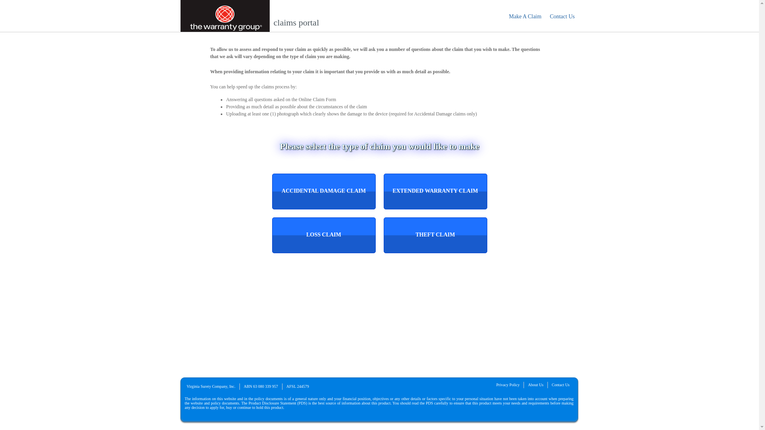 Image resolution: width=765 pixels, height=430 pixels. Describe the element at coordinates (560, 384) in the screenshot. I see `'Contact Us'` at that location.